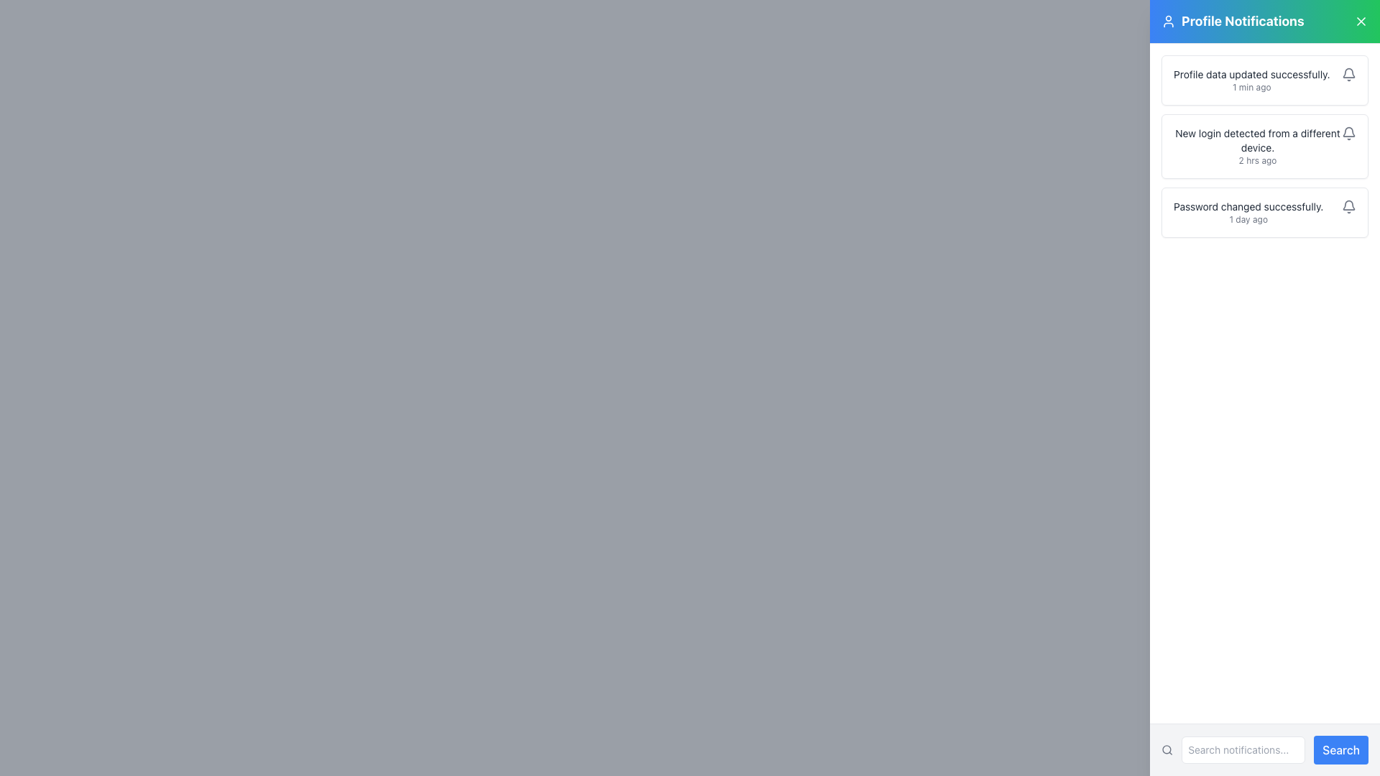 This screenshot has height=776, width=1380. I want to click on the close button located in the top-right corner of the 'Profile Notifications' section, so click(1361, 22).